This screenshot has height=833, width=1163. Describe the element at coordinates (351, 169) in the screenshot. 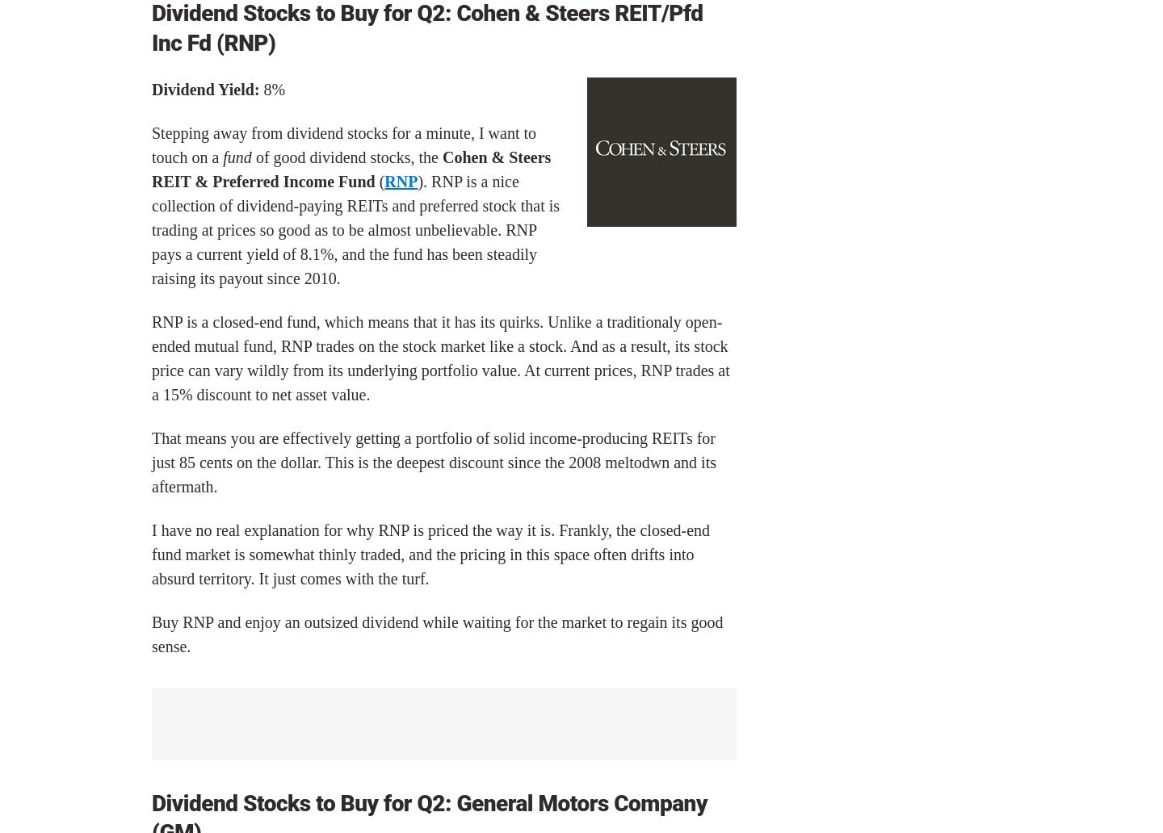

I see `'Cohen & Steers REIT & Preferred Income Fund'` at that location.